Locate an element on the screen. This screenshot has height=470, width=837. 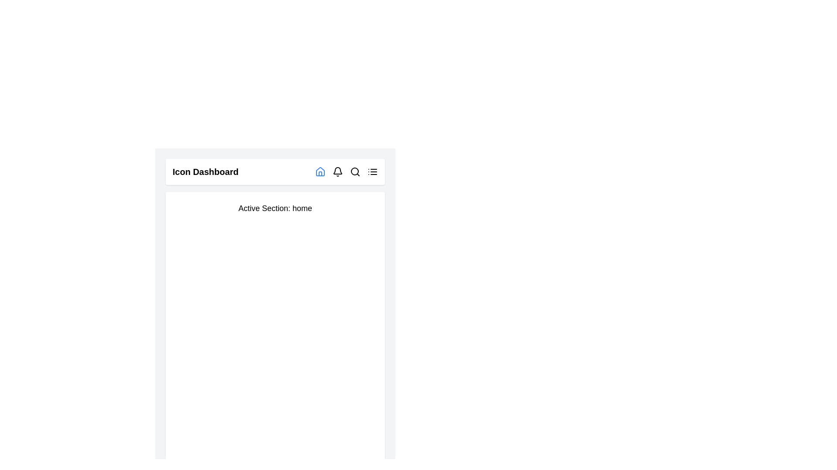
the blue house-shaped icon located in the top navigation bar is located at coordinates (320, 171).